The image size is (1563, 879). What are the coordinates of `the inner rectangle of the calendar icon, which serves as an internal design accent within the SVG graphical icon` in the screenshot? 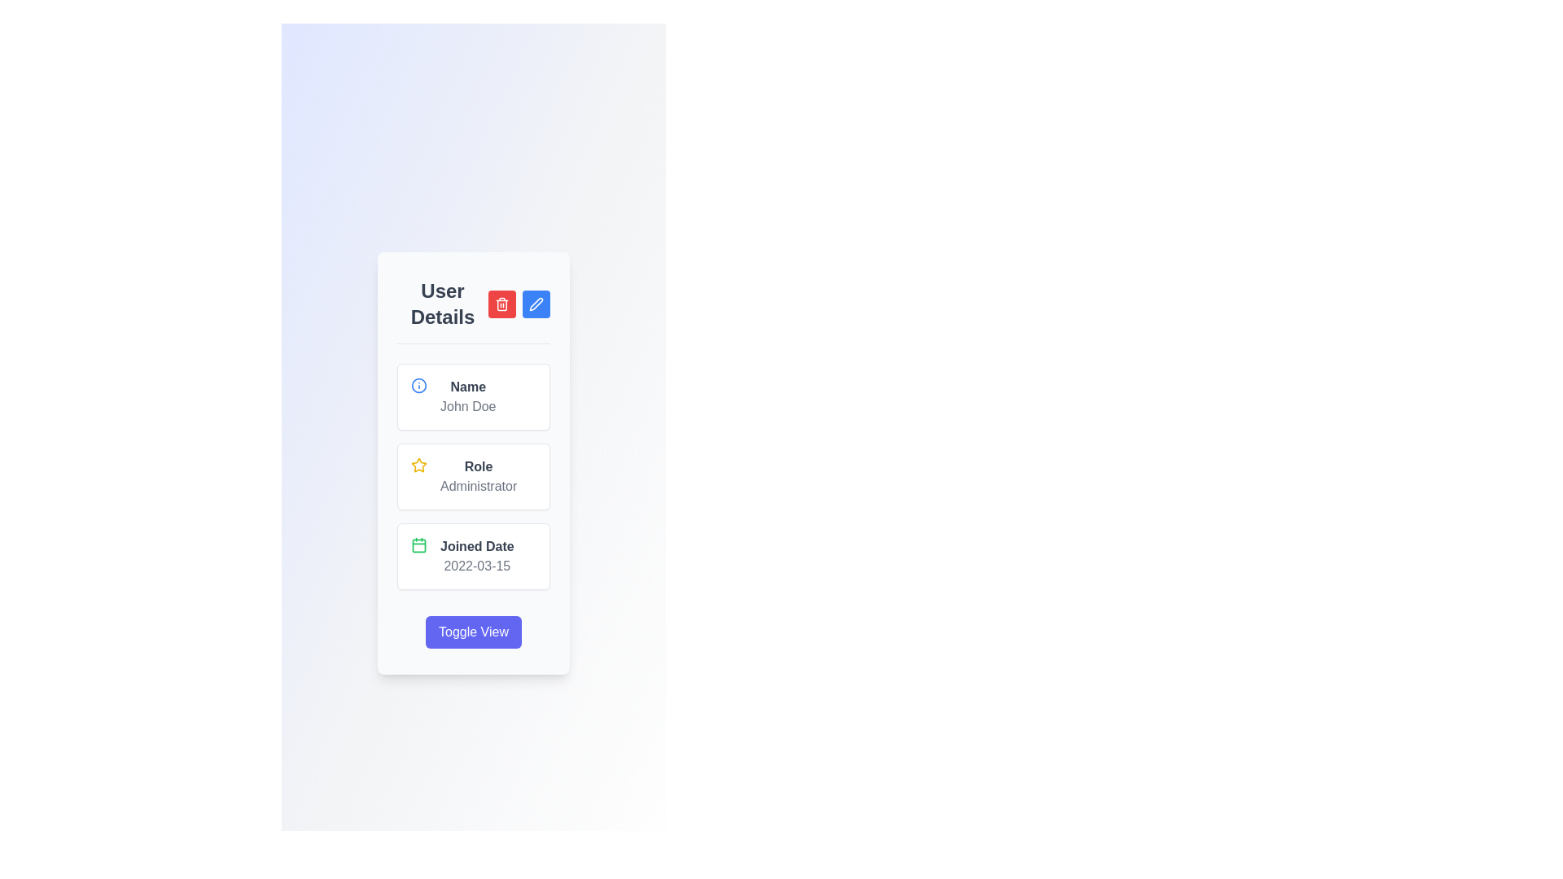 It's located at (418, 545).